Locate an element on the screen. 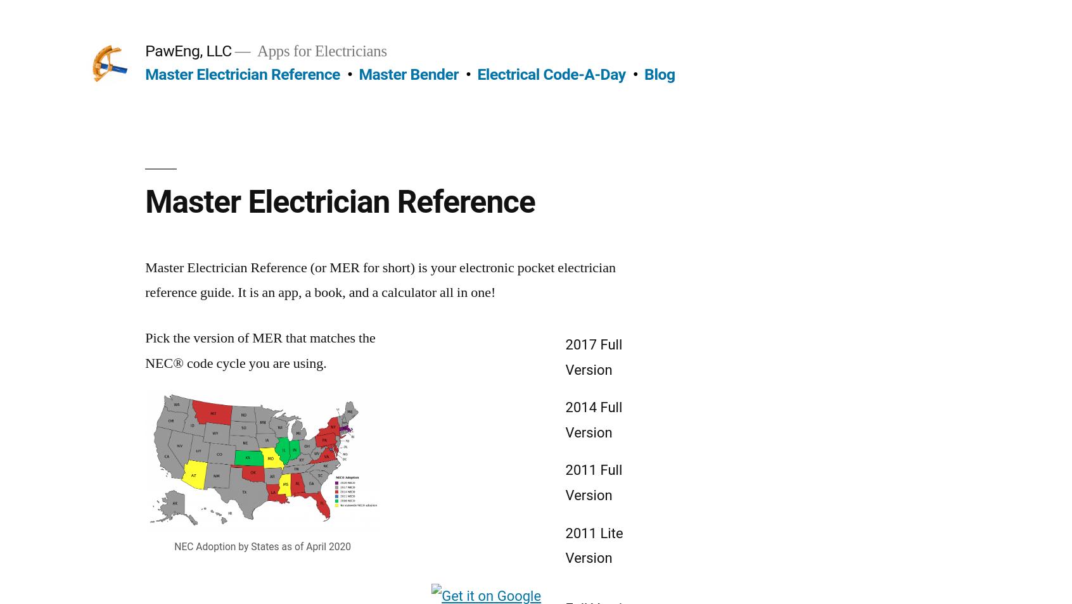 This screenshot has width=1072, height=604. 'Master Bender' is located at coordinates (357, 73).